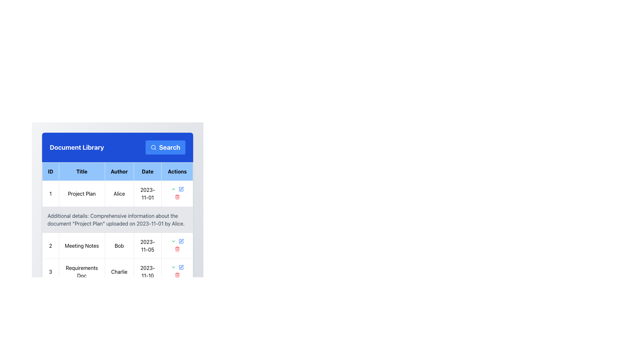  Describe the element at coordinates (147, 245) in the screenshot. I see `the text label displaying the date '2023-11-05', styled with a border, located in the fourth column of the second row in the table under the 'Date' header` at that location.